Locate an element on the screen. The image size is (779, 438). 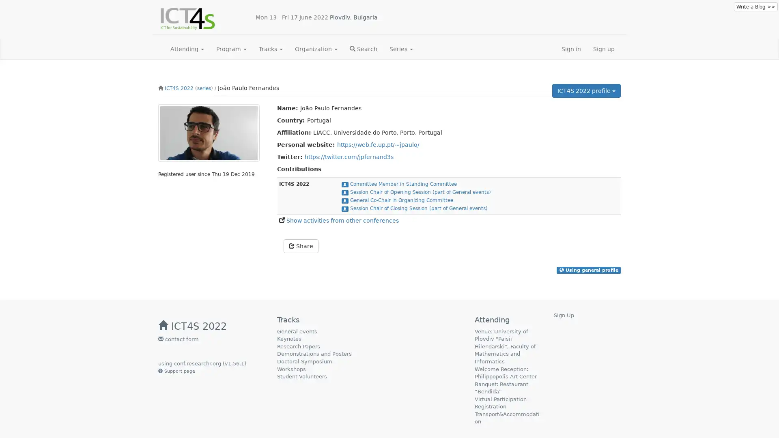
ICT4S 2022 profile is located at coordinates (586, 90).